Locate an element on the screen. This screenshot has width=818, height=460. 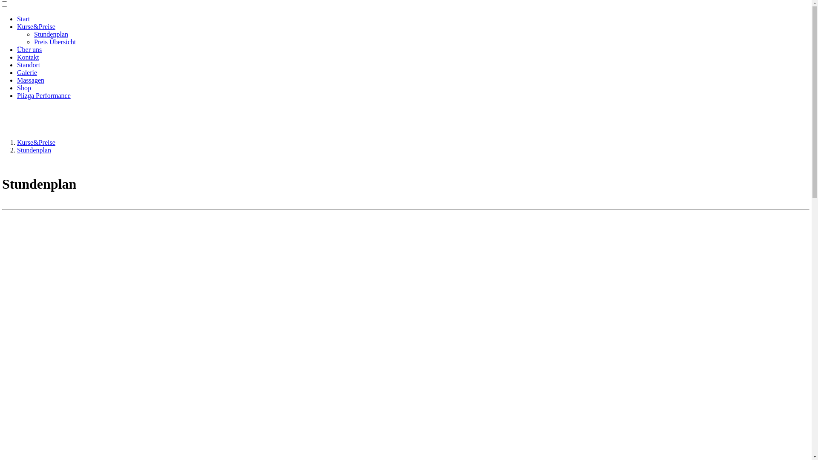
'Galerie' is located at coordinates (27, 72).